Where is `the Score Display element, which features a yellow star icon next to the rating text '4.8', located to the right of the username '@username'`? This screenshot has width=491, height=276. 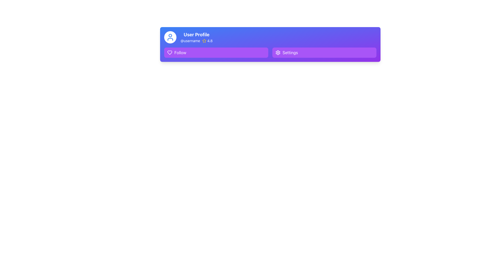 the Score Display element, which features a yellow star icon next to the rating text '4.8', located to the right of the username '@username' is located at coordinates (207, 40).